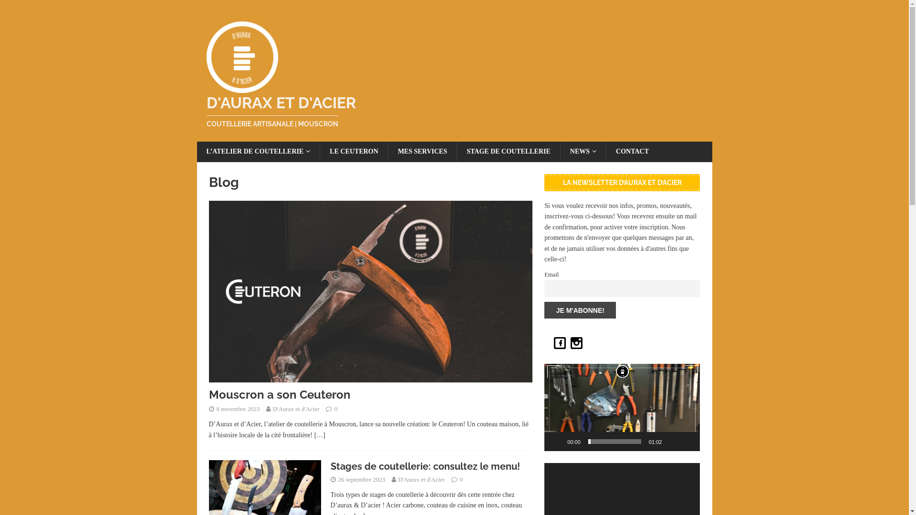  What do you see at coordinates (583, 151) in the screenshot?
I see `'NEWS'` at bounding box center [583, 151].